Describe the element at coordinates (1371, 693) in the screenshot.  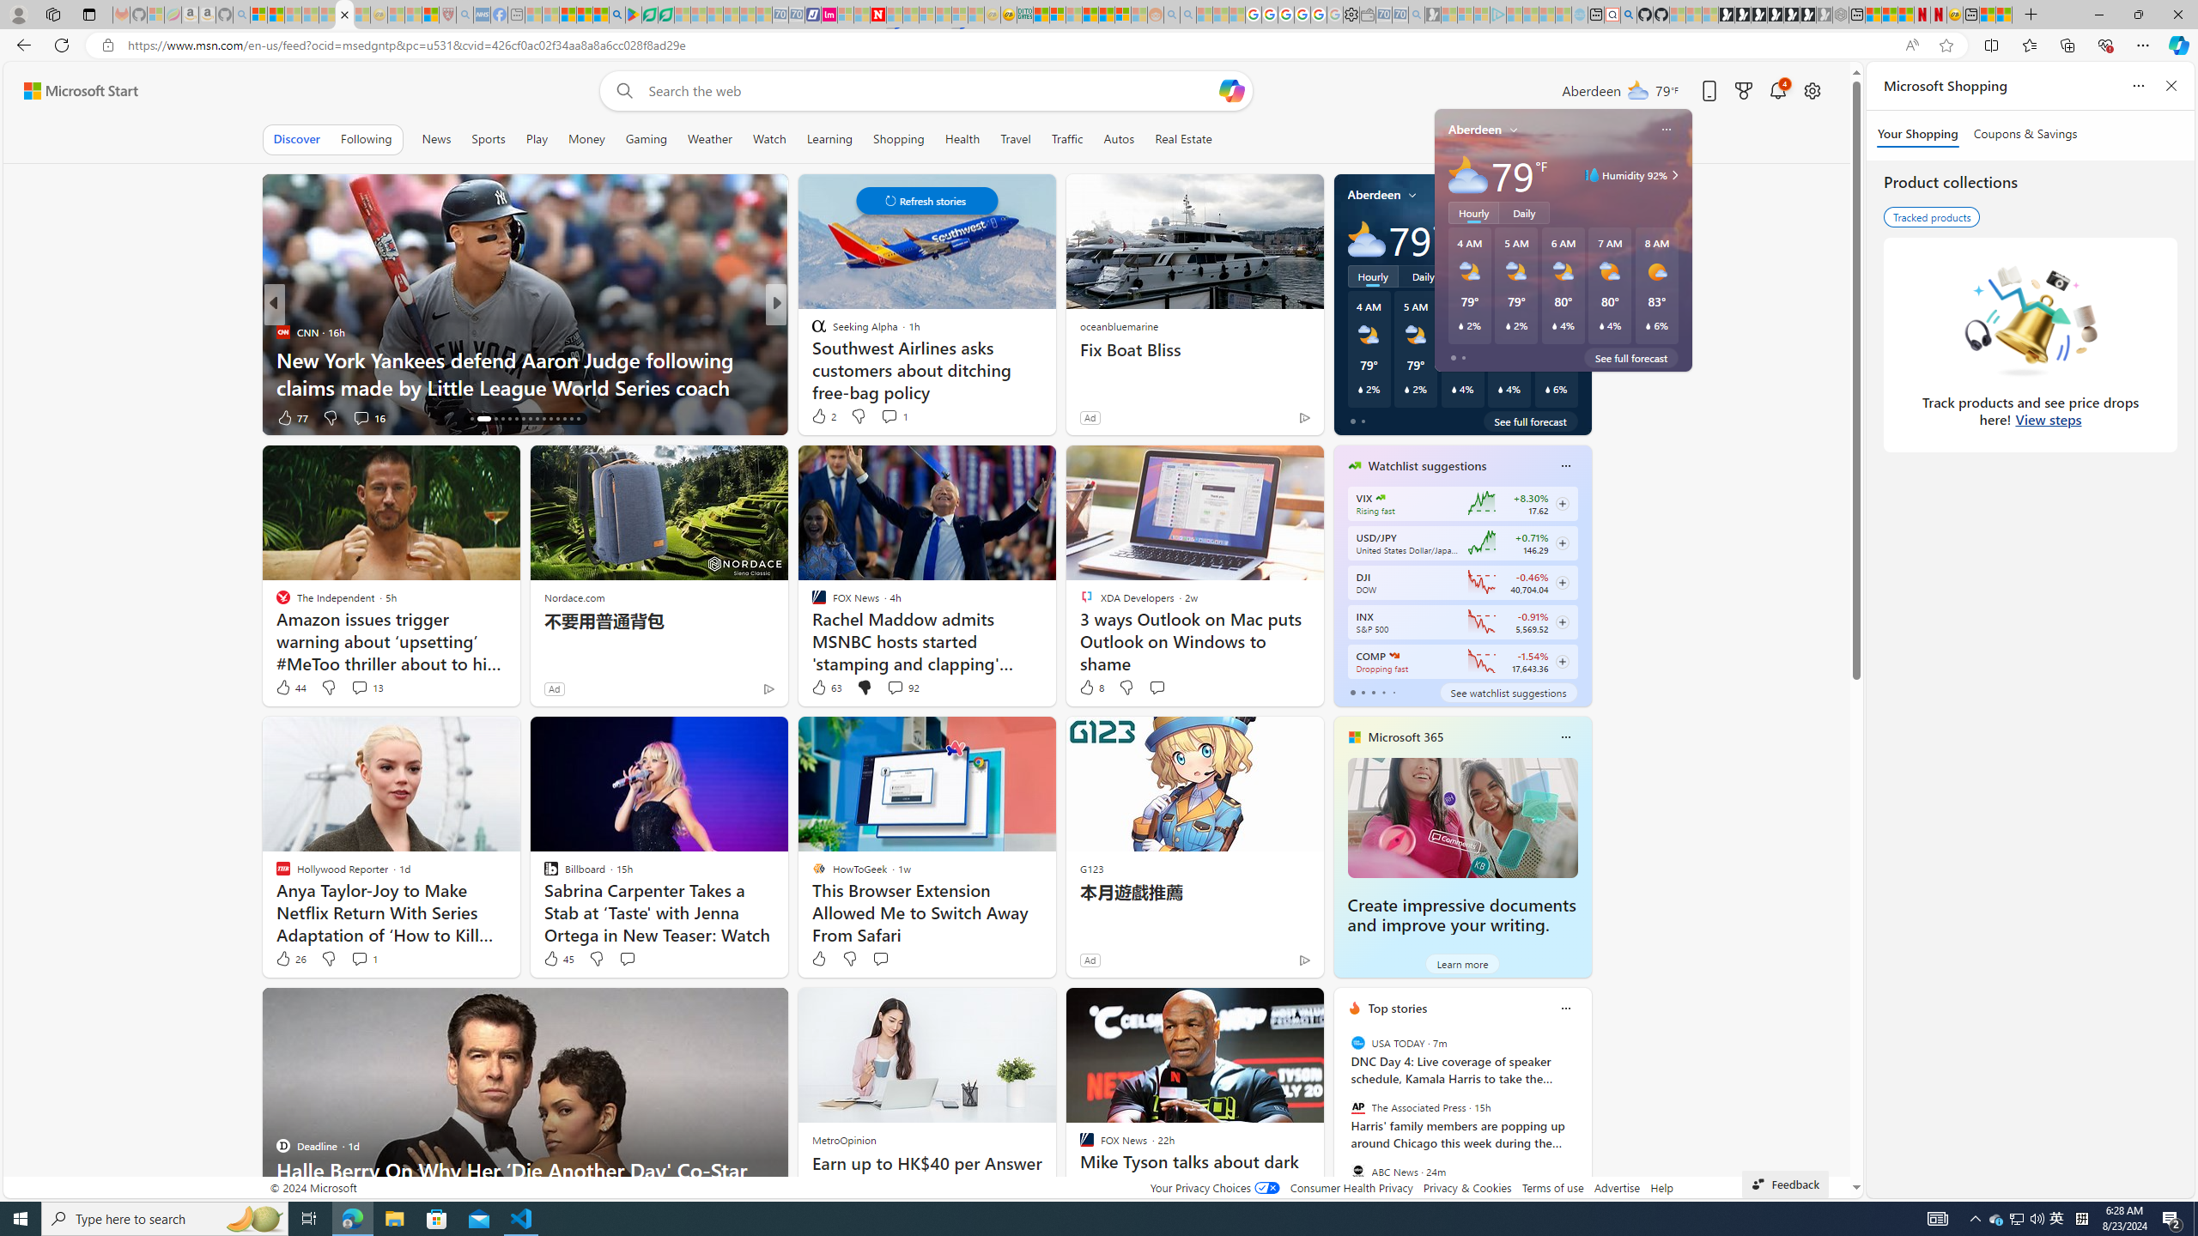
I see `'tab-2'` at that location.